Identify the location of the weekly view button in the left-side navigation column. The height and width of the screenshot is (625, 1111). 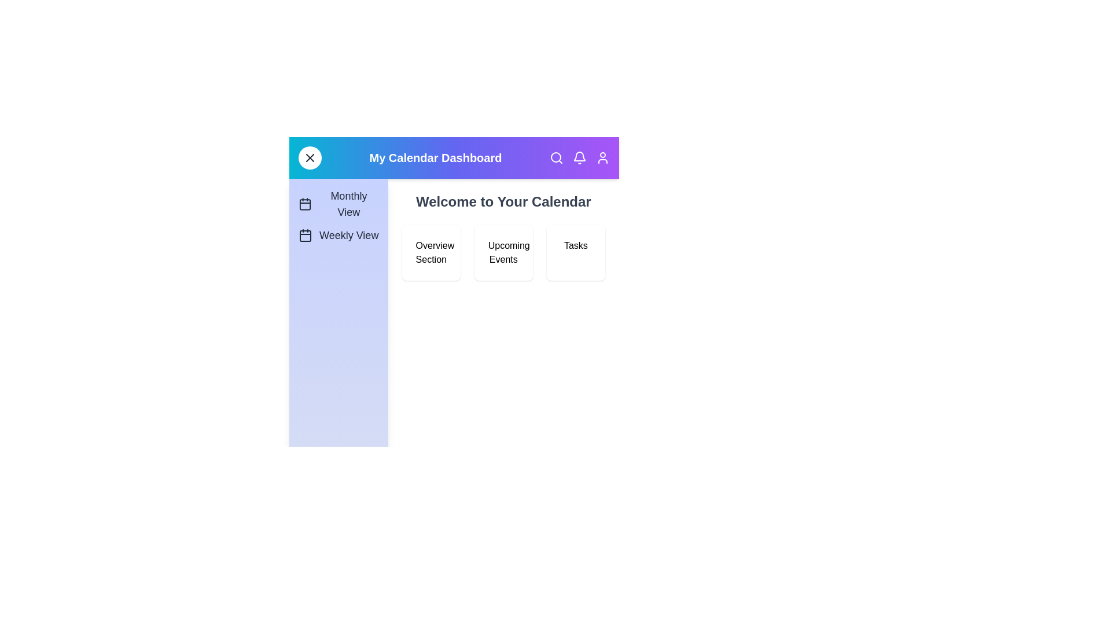
(338, 235).